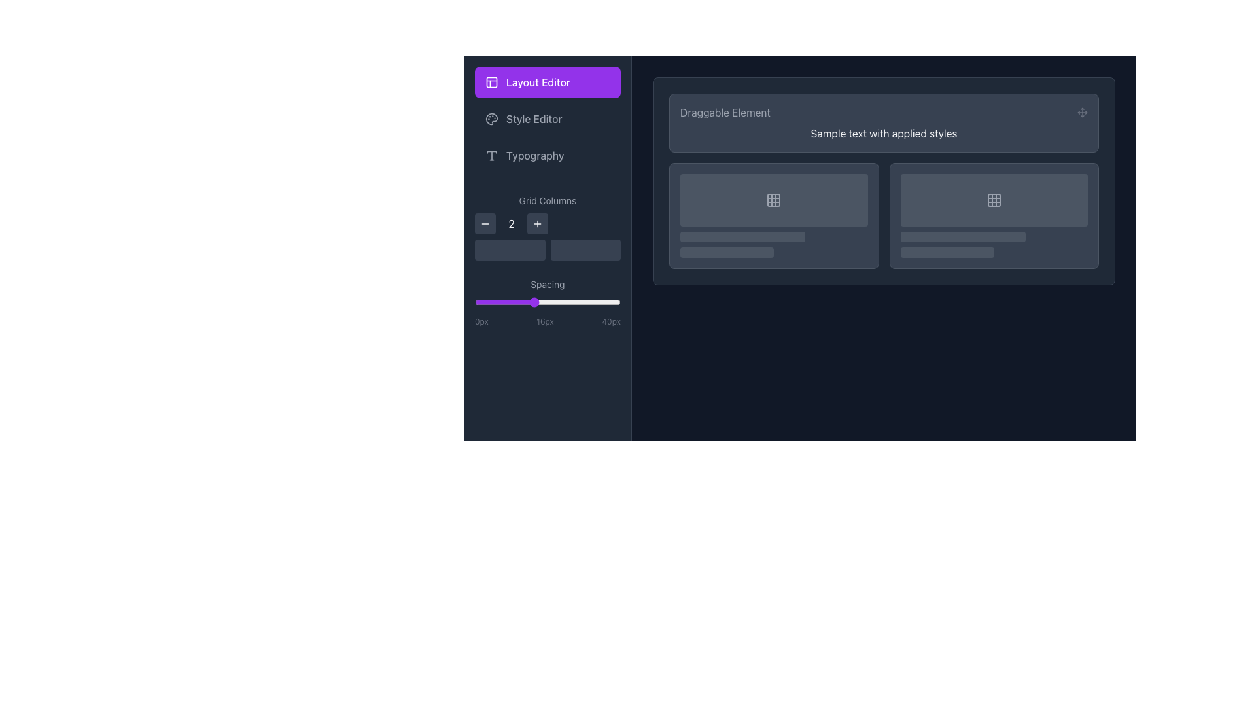  What do you see at coordinates (548, 118) in the screenshot?
I see `the 'Style Editor' button in the left sidebar` at bounding box center [548, 118].